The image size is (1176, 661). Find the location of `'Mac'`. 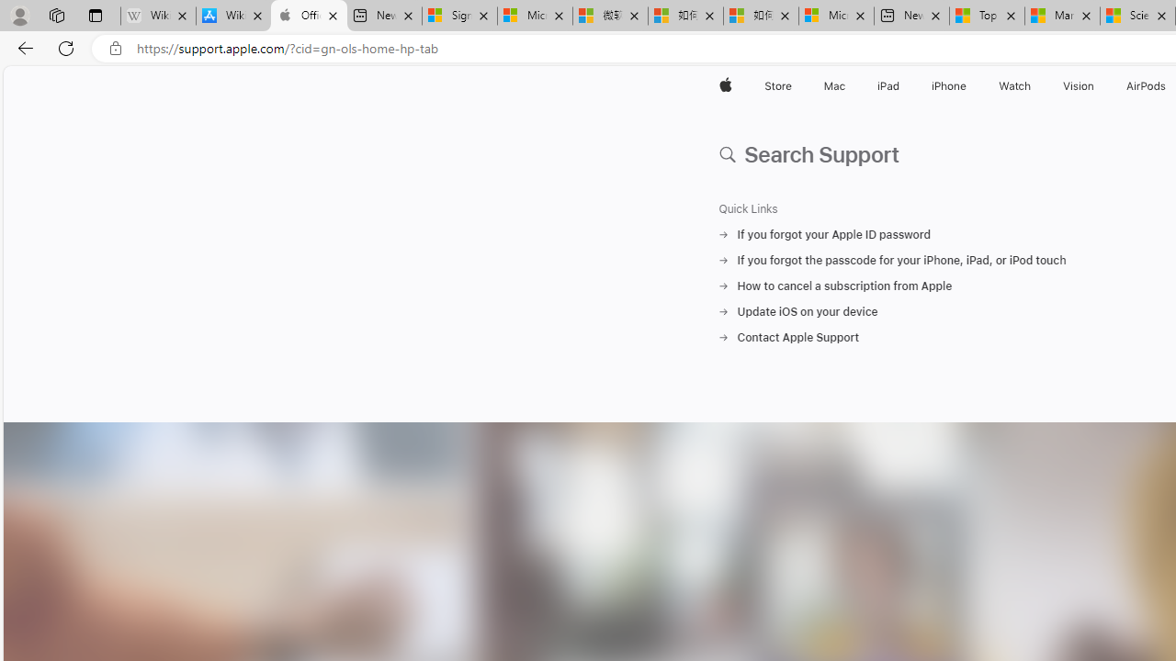

'Mac' is located at coordinates (833, 85).